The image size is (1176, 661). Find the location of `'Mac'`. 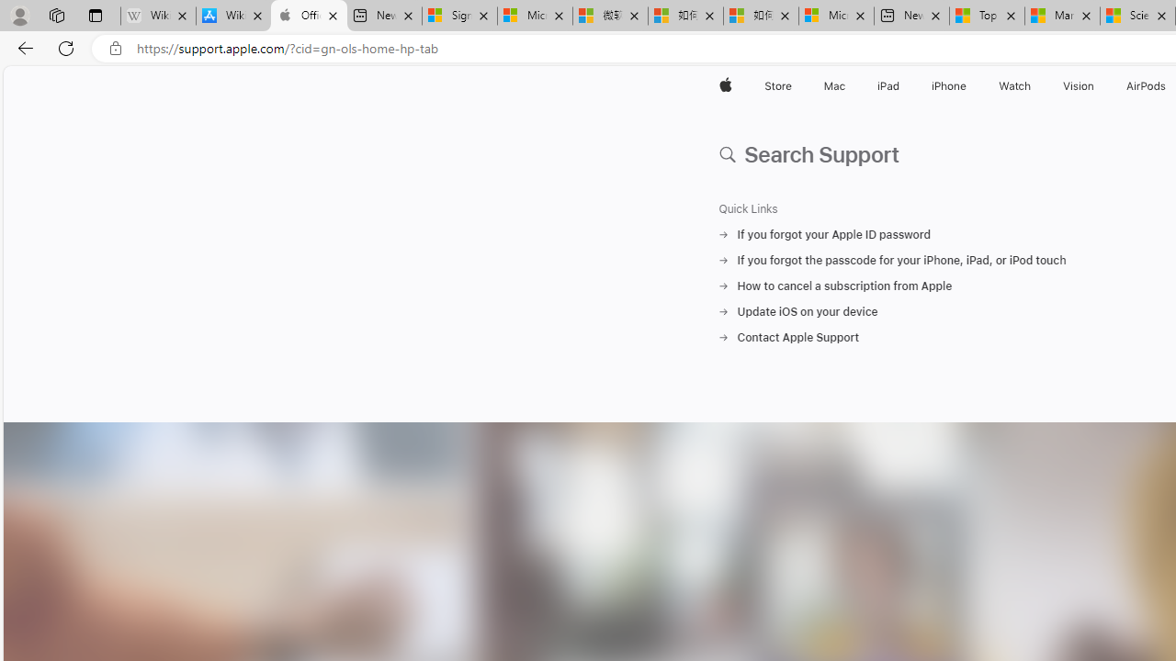

'Mac' is located at coordinates (833, 85).